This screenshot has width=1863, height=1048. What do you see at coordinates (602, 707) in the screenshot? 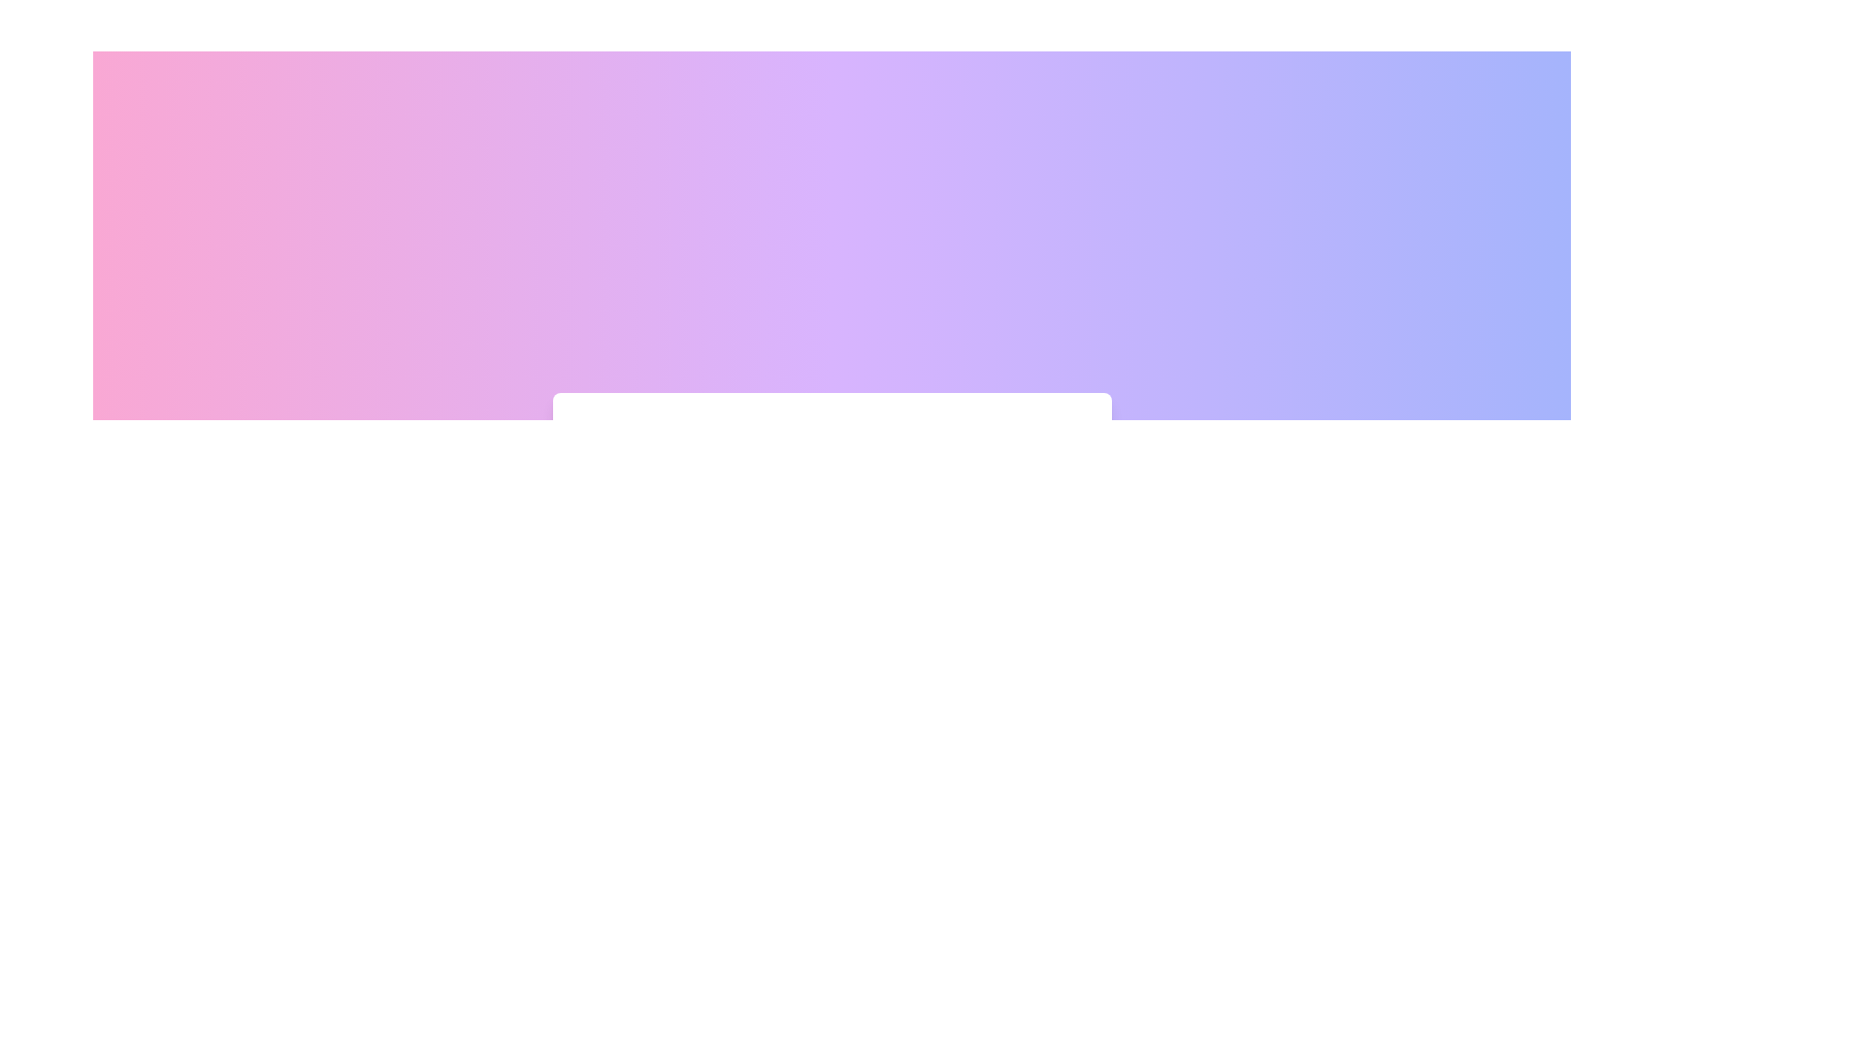
I see `the Circle element within the SVG graphic, which is a 20x20 pixel circular element located near the bottom-middle of the interface` at bounding box center [602, 707].